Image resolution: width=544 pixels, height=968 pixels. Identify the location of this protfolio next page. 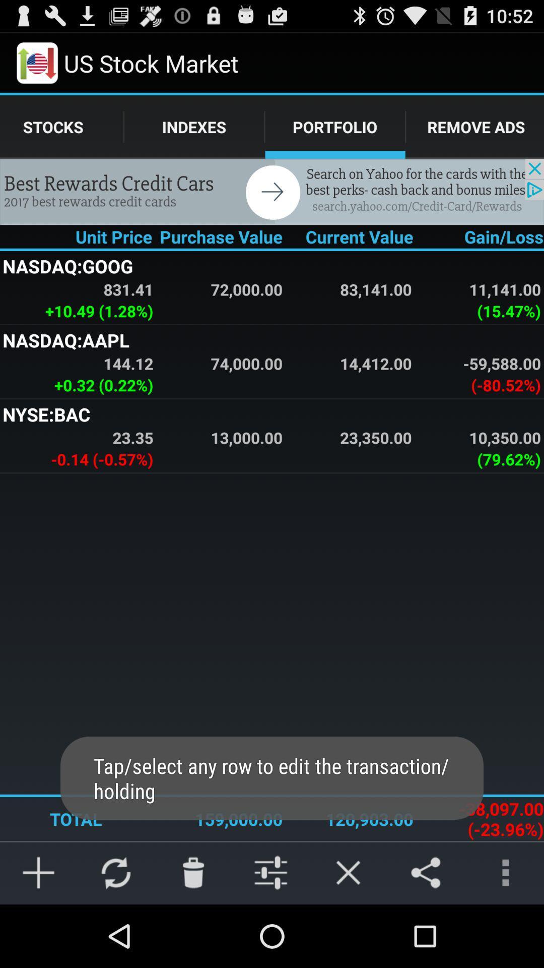
(272, 192).